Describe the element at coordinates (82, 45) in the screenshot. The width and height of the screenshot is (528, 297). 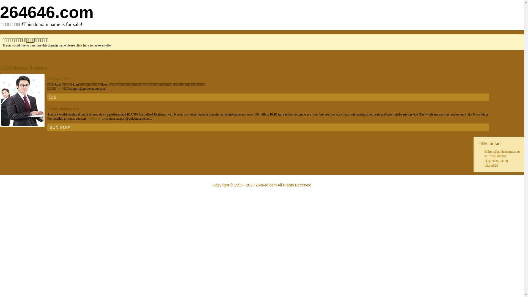
I see `'click here'` at that location.